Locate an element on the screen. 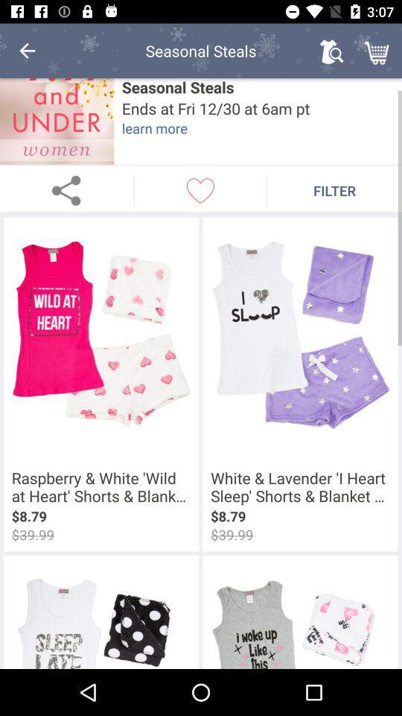 This screenshot has height=716, width=402. social media option is located at coordinates (66, 189).